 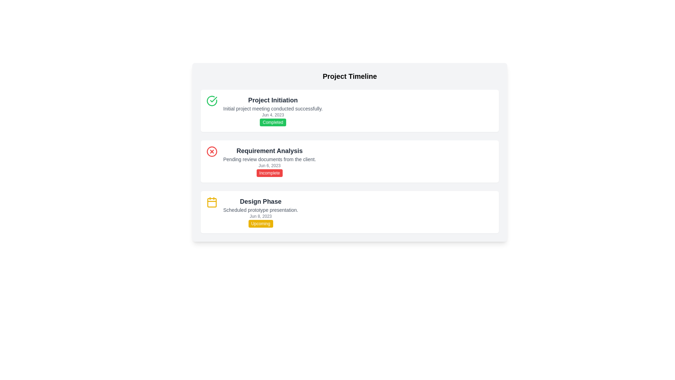 I want to click on the text label displaying 'Jun 6, 2023', which is positioned below the description text and above the 'Incomplete' badge in the 'Requirement Analysis' section of the task timeline display, so click(x=269, y=165).